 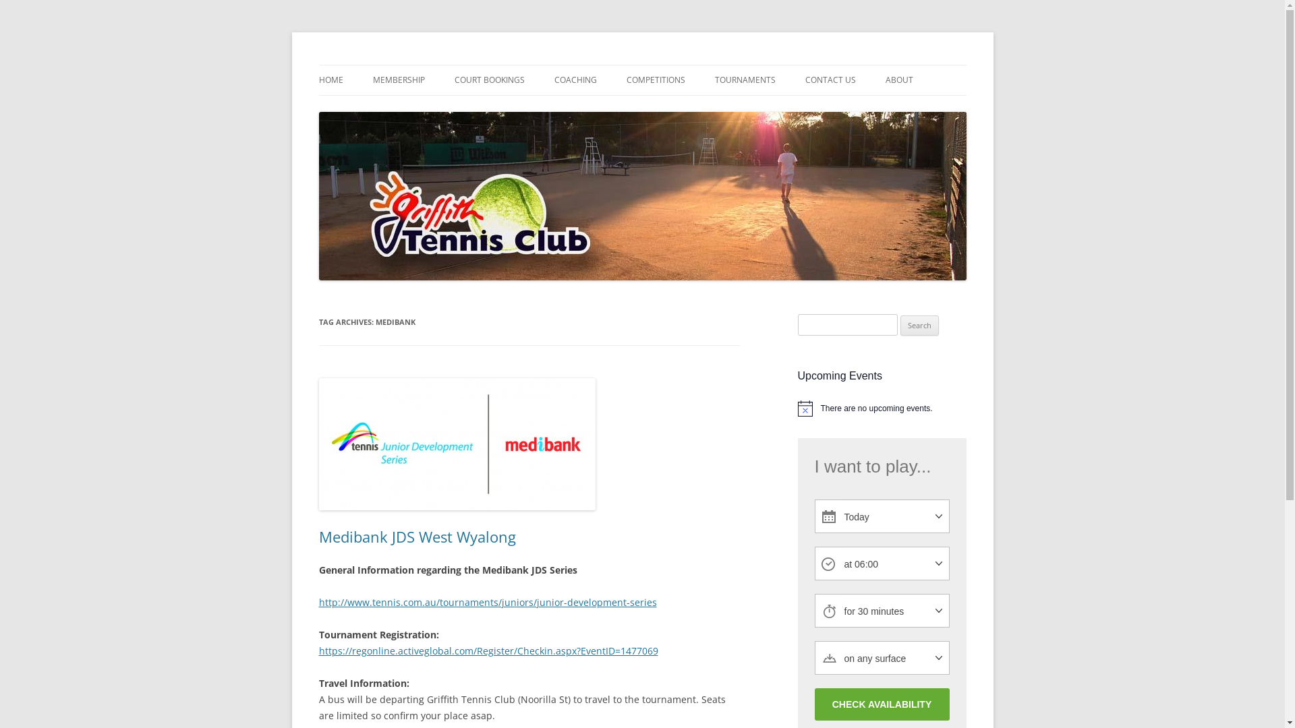 What do you see at coordinates (655, 80) in the screenshot?
I see `'COMPETITIONS'` at bounding box center [655, 80].